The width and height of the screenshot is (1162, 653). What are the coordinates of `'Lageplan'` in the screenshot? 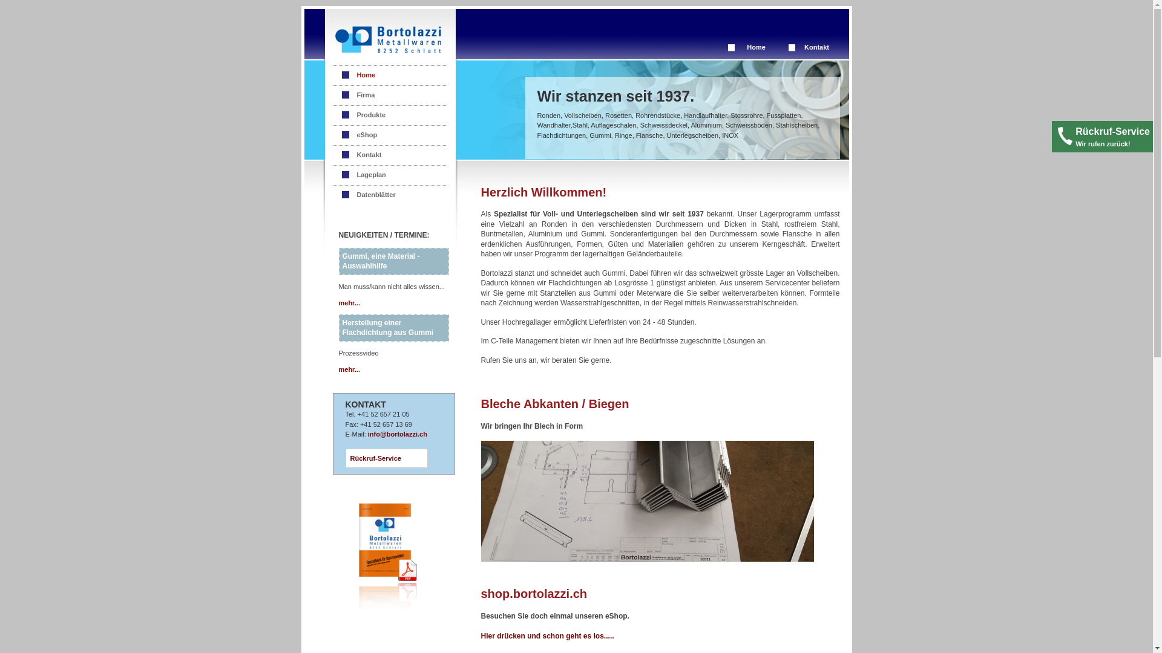 It's located at (391, 175).